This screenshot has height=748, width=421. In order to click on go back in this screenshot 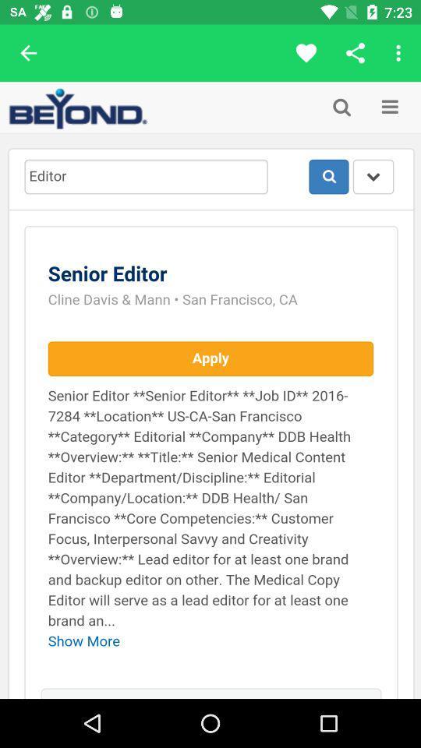, I will do `click(28, 53)`.